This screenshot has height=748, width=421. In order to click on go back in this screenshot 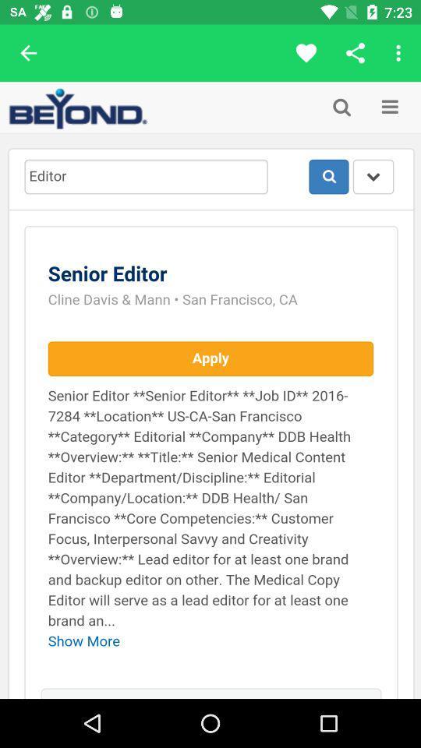, I will do `click(28, 53)`.